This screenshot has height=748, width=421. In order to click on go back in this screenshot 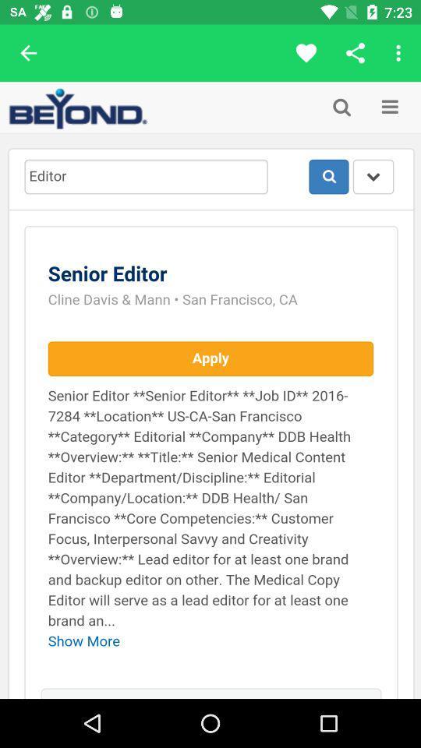, I will do `click(28, 53)`.